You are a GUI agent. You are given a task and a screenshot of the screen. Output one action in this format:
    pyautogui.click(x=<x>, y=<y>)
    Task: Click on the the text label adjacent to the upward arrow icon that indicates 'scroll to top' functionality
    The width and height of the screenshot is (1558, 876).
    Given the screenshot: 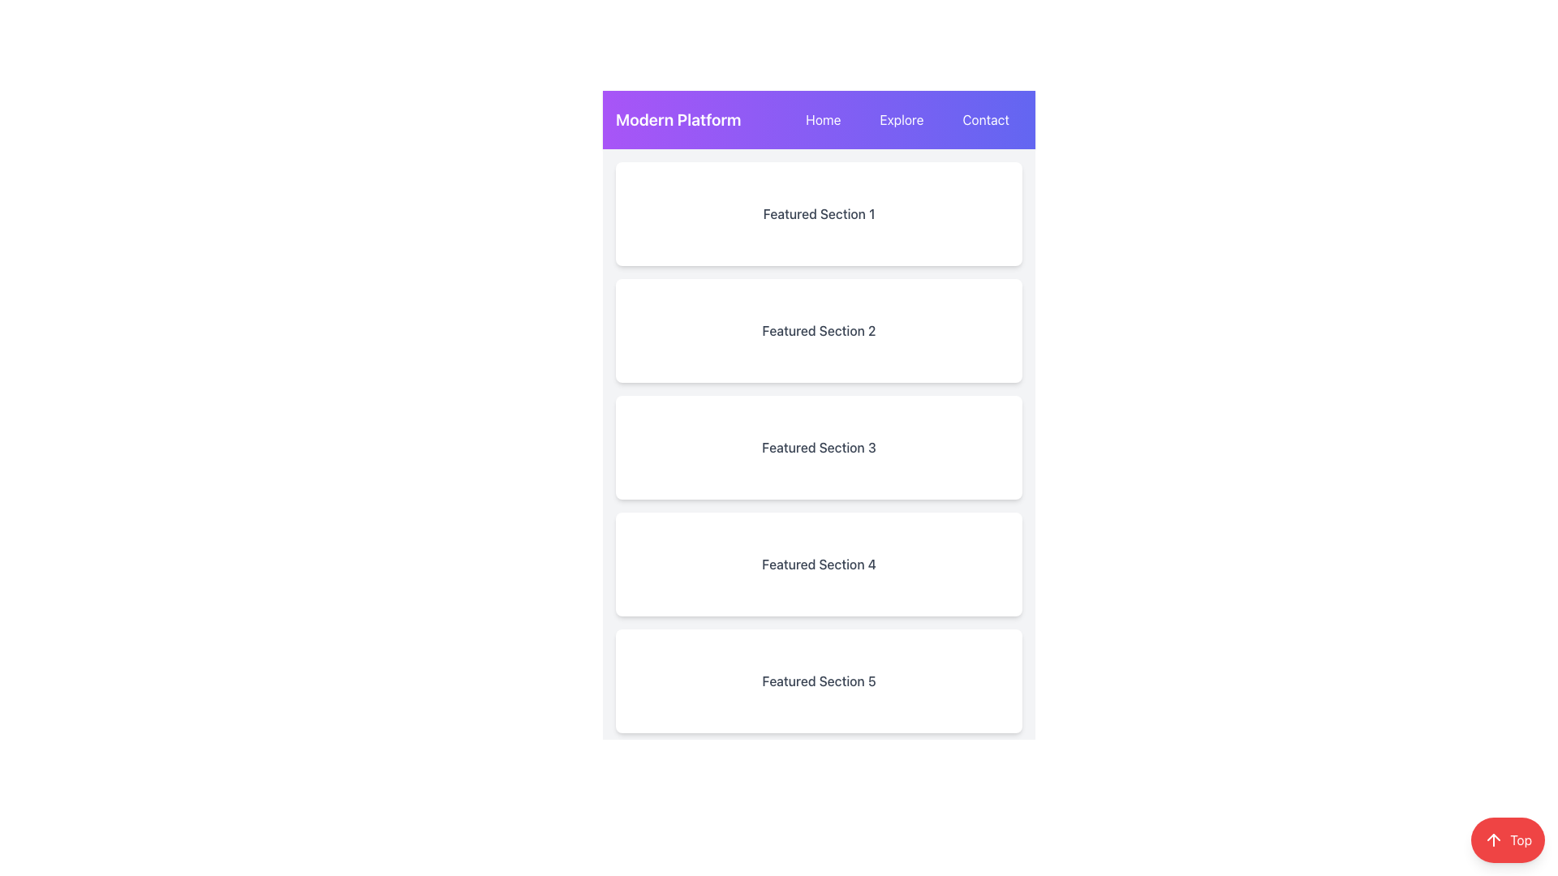 What is the action you would take?
    pyautogui.click(x=1520, y=839)
    